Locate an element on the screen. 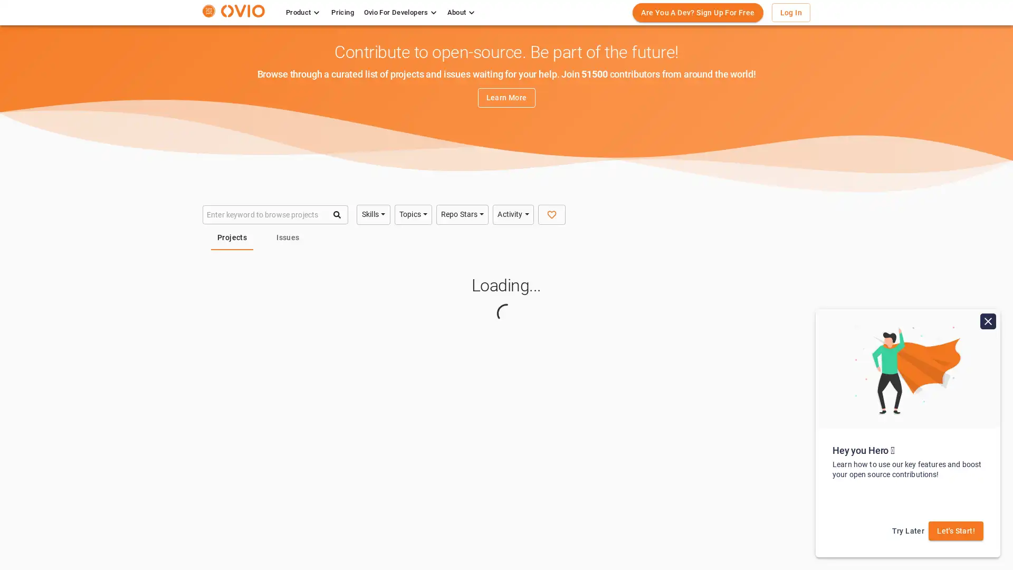  Python is located at coordinates (540, 432).